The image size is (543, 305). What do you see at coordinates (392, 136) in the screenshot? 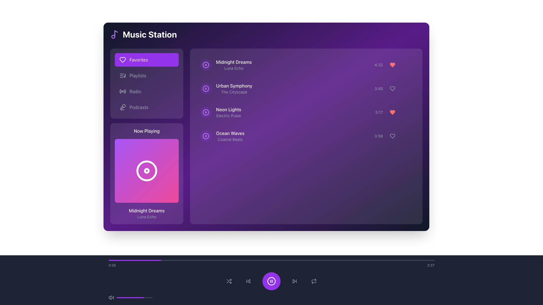
I see `the icon button in the bottom-right corner of the 'Ocean Waves' row` at bounding box center [392, 136].